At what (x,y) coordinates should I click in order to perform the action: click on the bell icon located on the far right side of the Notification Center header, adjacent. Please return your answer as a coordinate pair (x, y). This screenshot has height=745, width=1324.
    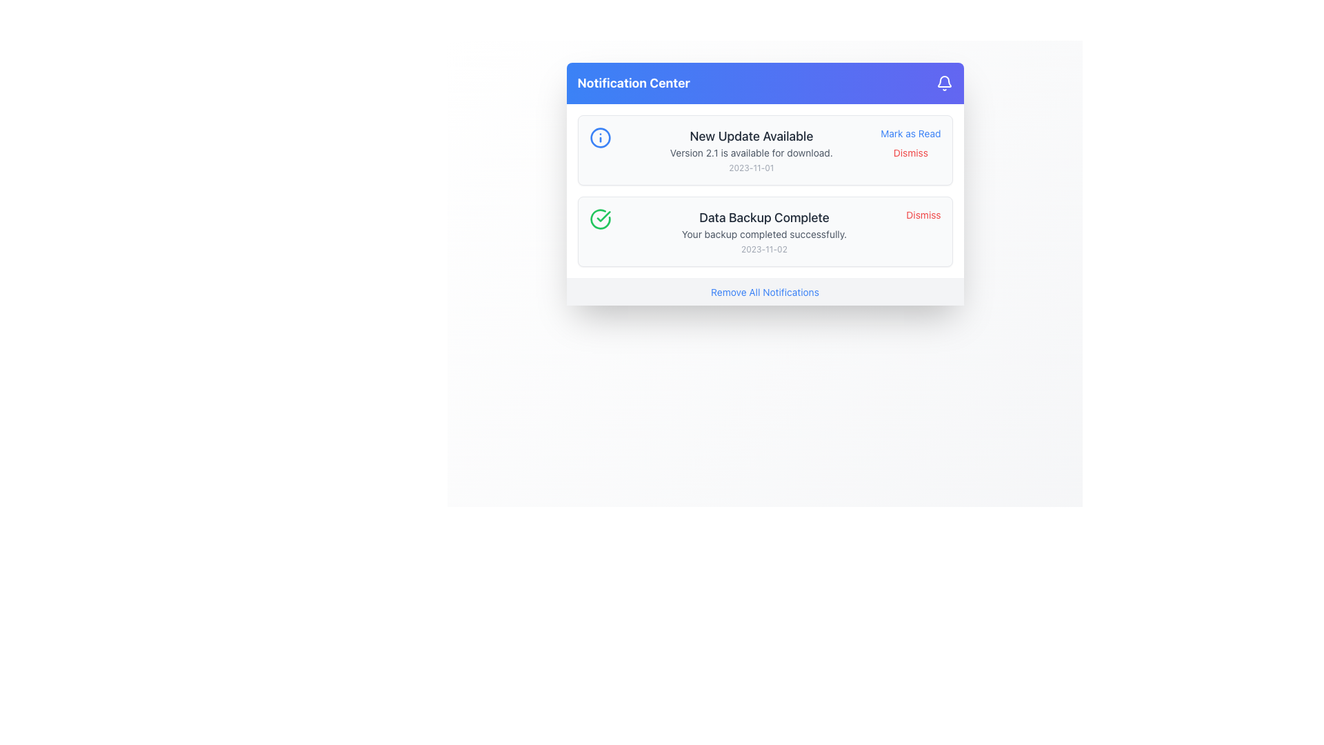
    Looking at the image, I should click on (943, 83).